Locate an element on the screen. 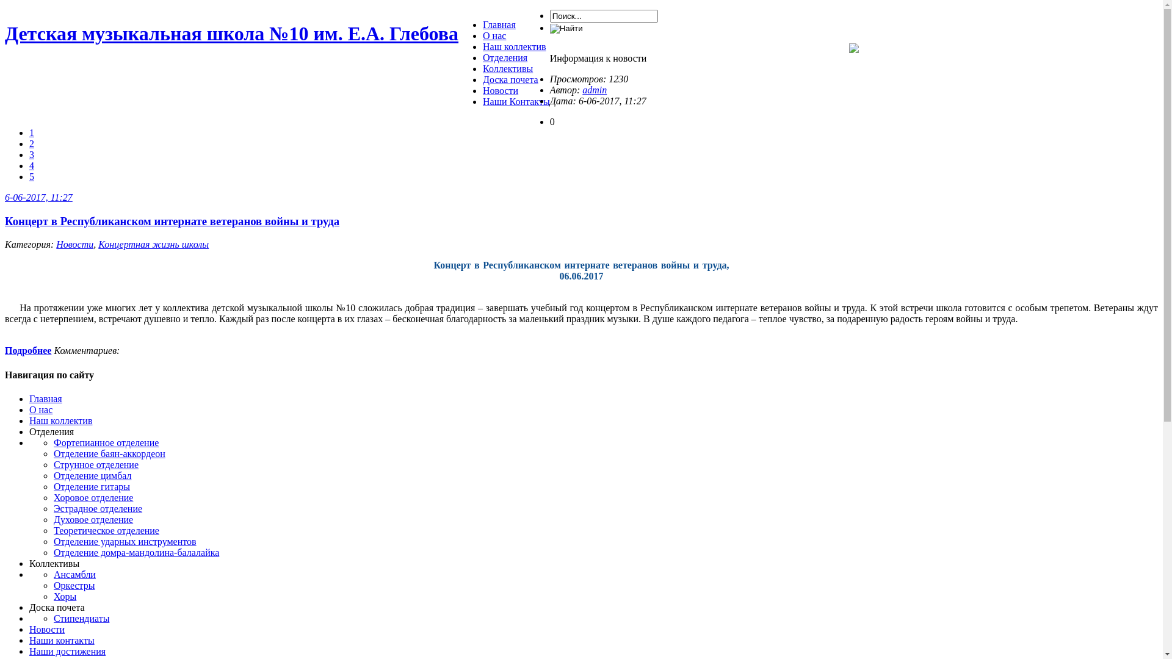  '4' is located at coordinates (32, 165).